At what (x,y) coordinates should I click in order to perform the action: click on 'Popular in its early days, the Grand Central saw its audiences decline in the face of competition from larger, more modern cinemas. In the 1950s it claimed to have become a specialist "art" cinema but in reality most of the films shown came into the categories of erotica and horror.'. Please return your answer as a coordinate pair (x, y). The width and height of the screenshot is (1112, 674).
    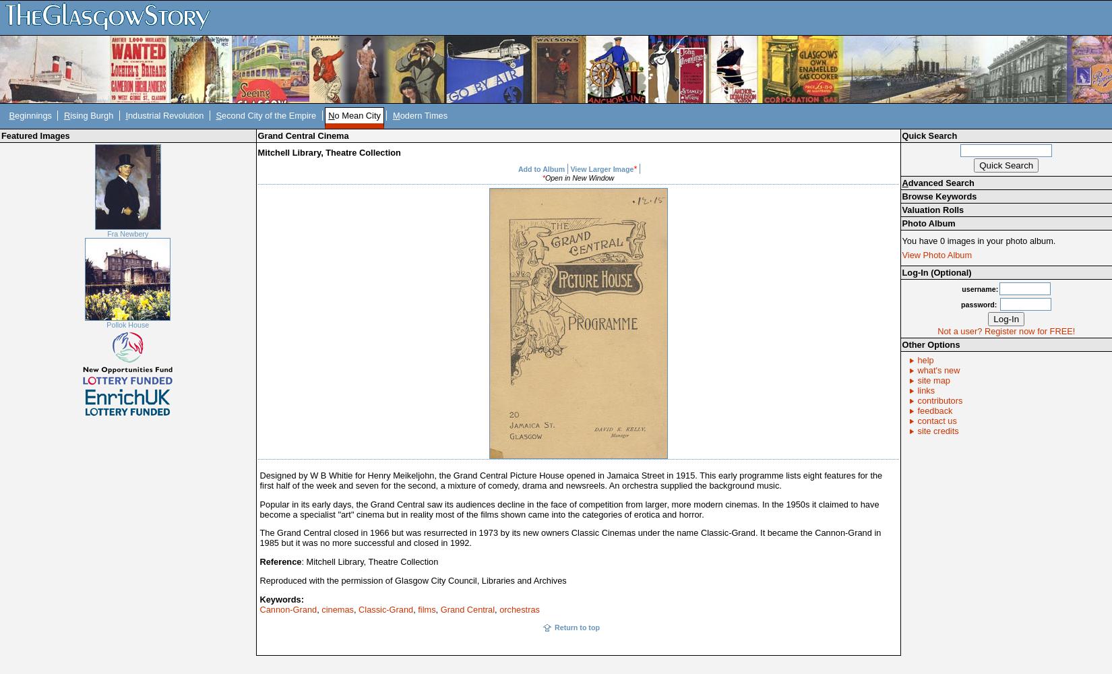
    Looking at the image, I should click on (569, 509).